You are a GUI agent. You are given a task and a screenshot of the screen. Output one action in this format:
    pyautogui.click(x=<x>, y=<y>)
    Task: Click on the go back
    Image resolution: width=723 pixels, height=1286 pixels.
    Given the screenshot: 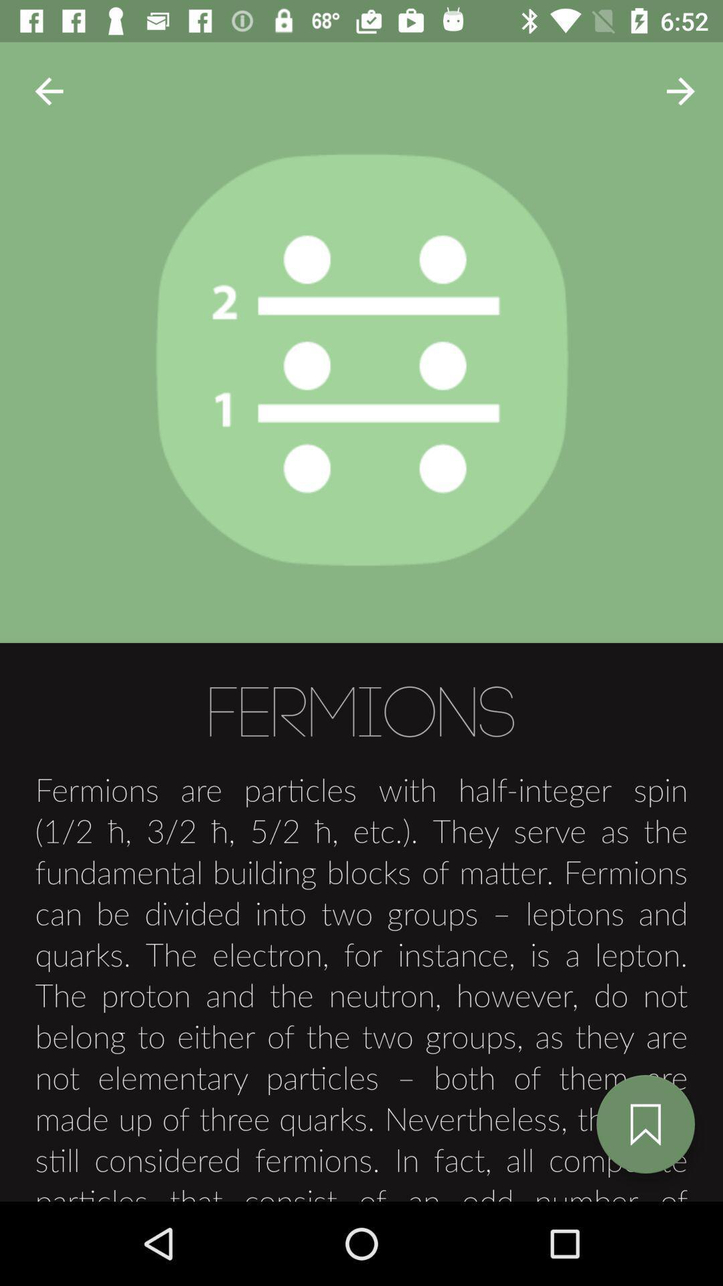 What is the action you would take?
    pyautogui.click(x=48, y=90)
    